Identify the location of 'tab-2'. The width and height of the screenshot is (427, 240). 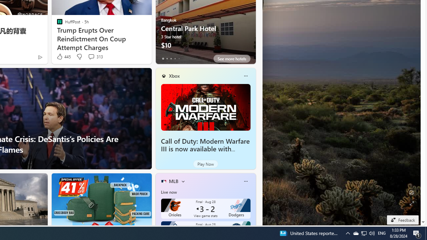
(171, 58).